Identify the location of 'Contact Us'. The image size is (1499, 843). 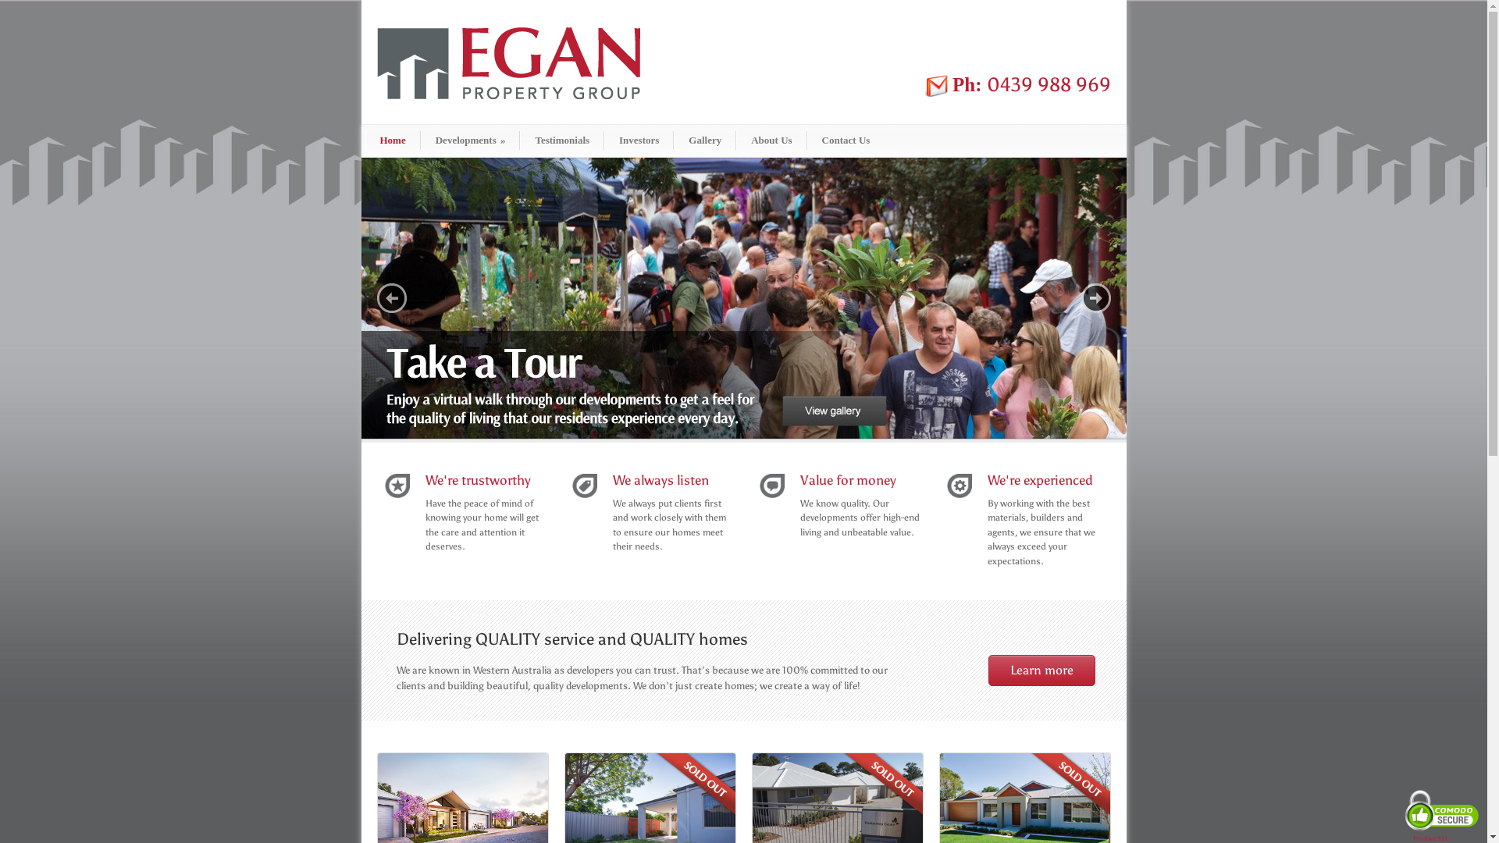
(845, 140).